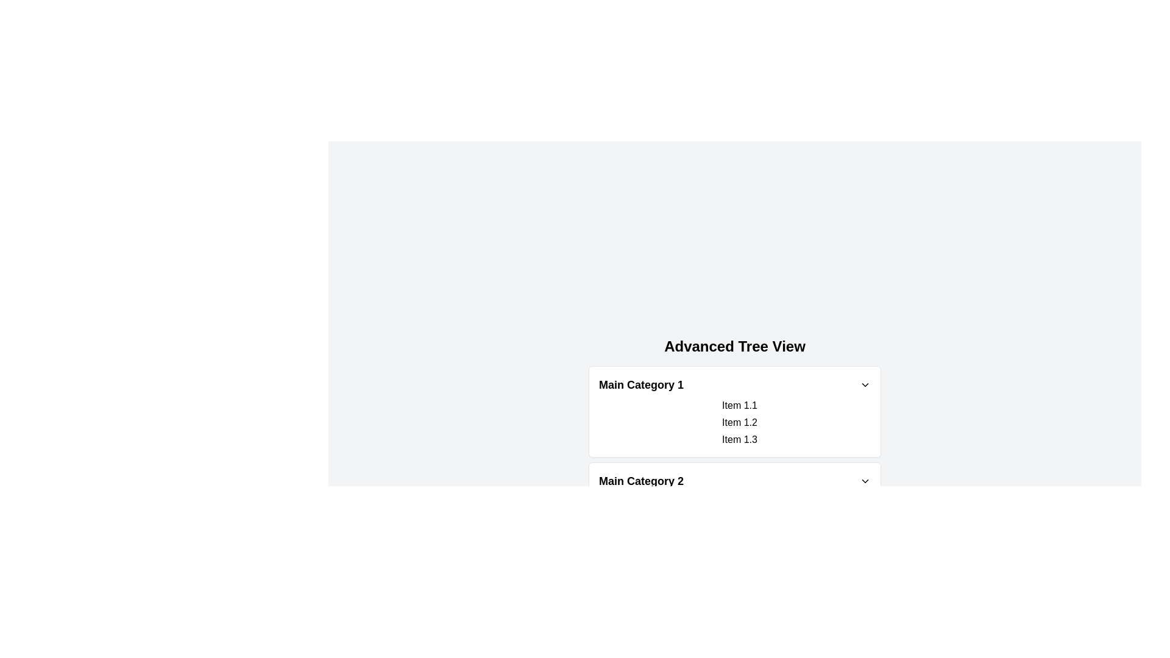 The image size is (1170, 658). I want to click on the 'Main Category 1' text label, which features bold, large text and a dropdown icon, so click(640, 385).